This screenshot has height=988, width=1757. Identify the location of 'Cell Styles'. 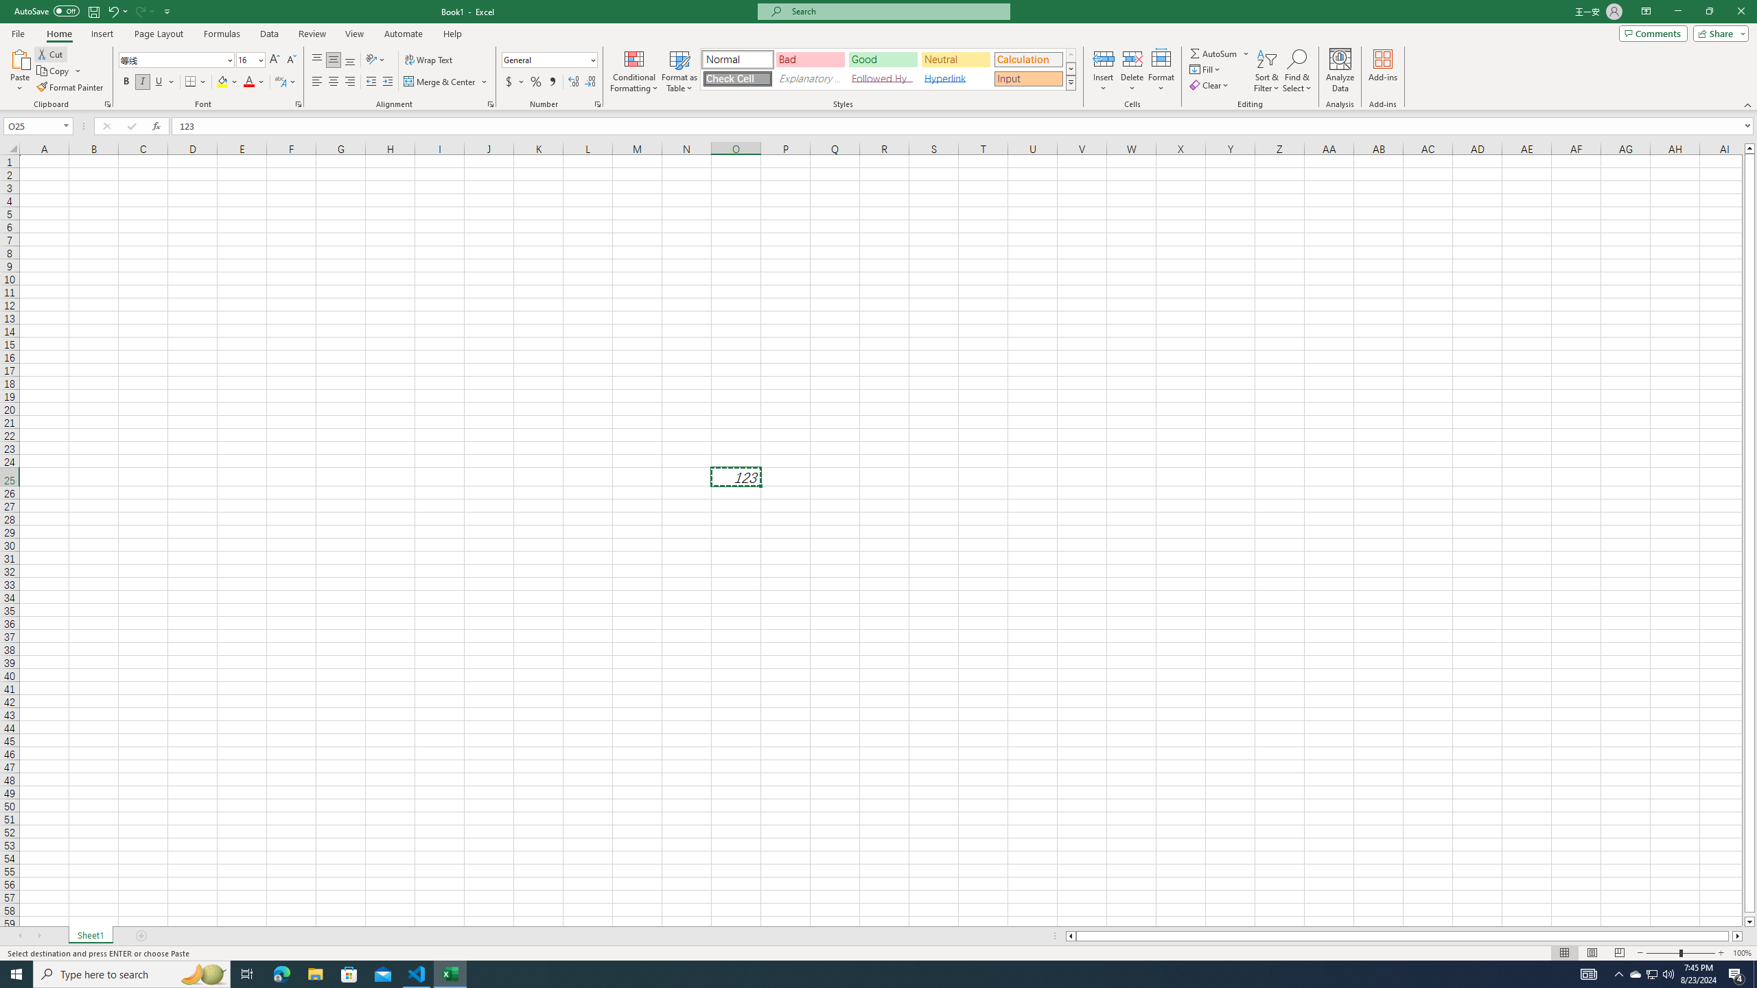
(1071, 82).